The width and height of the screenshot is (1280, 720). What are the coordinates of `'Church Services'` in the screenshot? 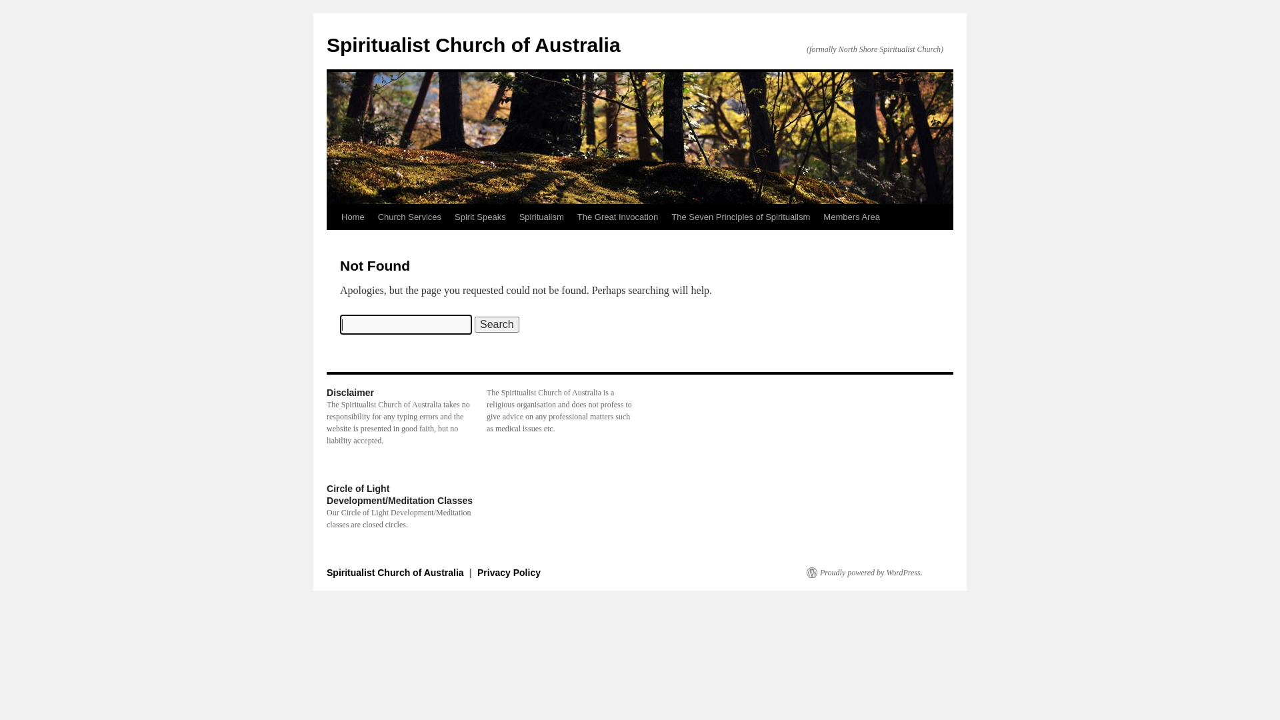 It's located at (409, 217).